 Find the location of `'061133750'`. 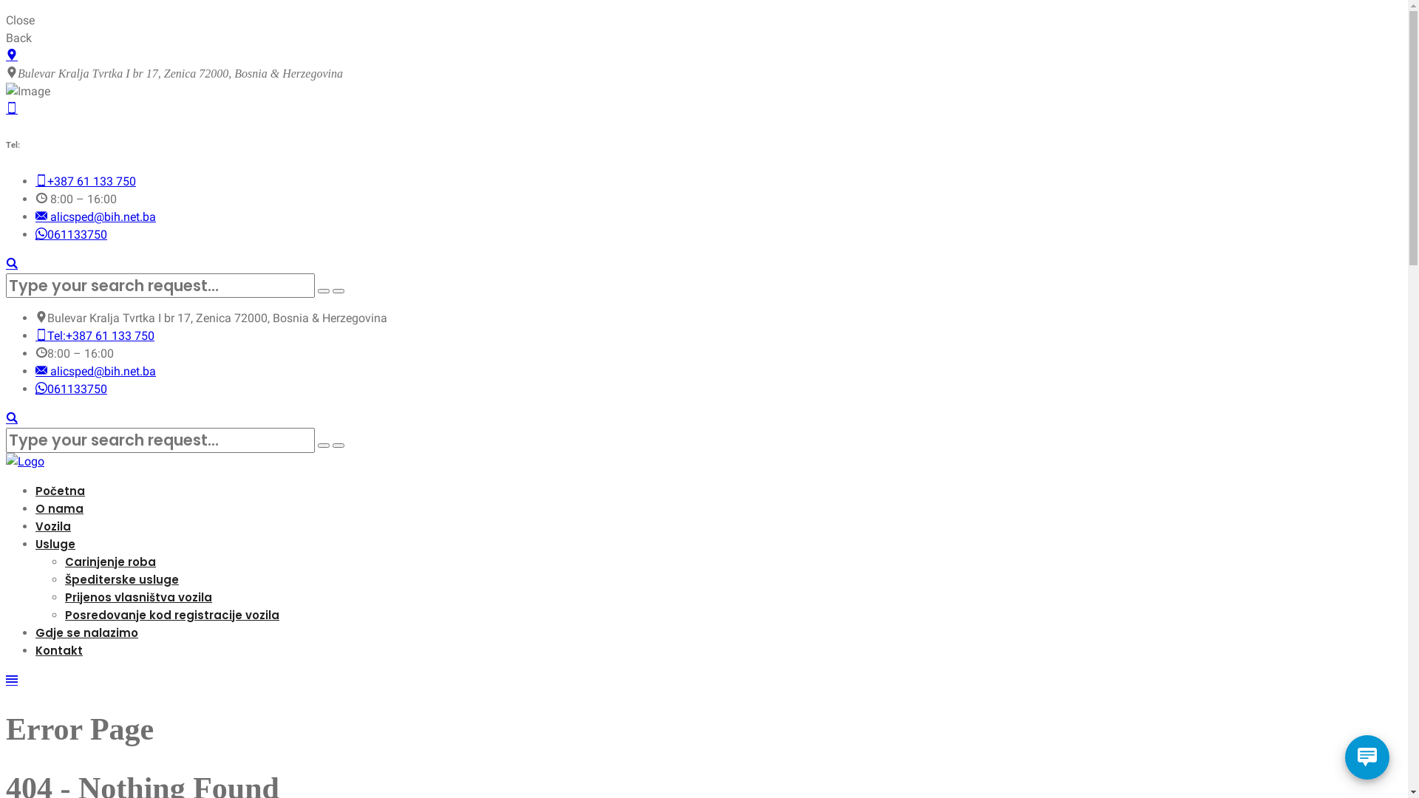

'061133750' is located at coordinates (35, 233).